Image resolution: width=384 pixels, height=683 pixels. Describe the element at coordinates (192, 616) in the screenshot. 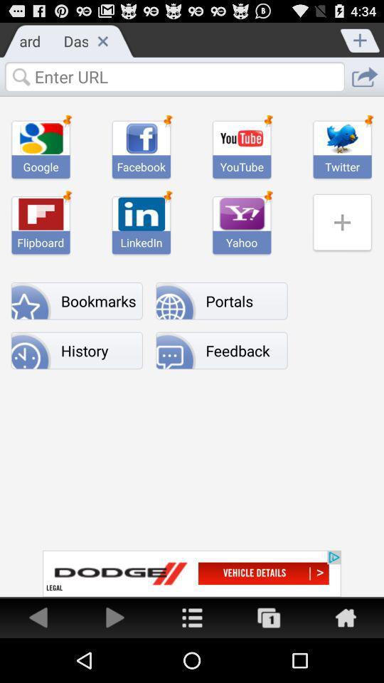

I see `home menu` at that location.